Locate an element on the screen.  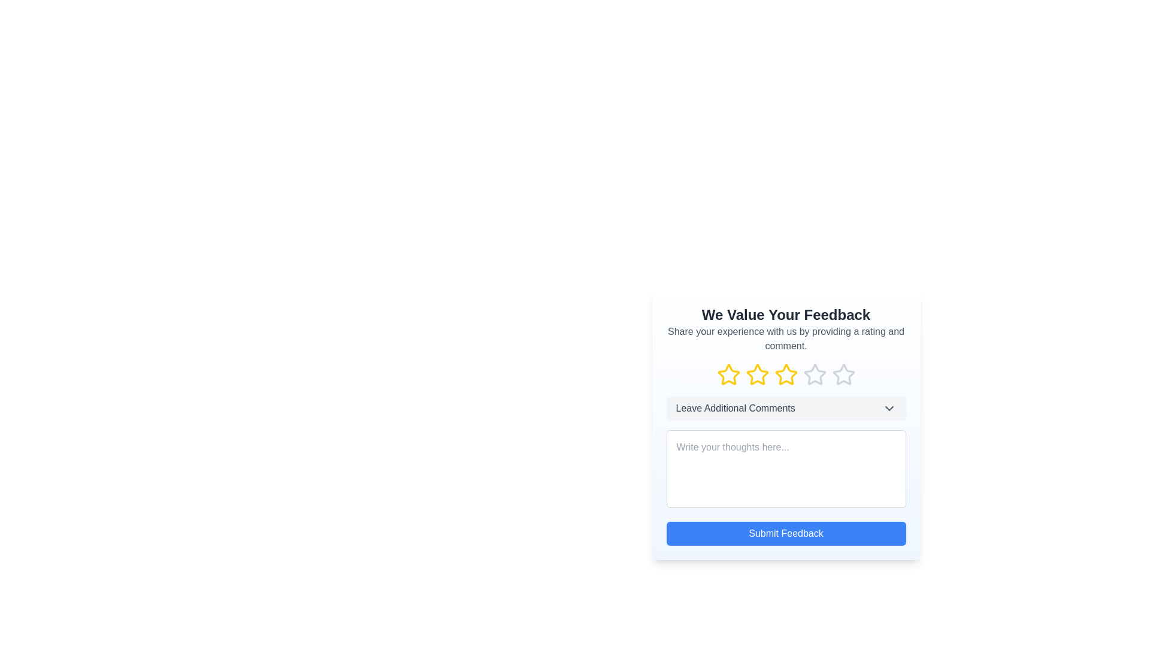
the button located below the row of star rating icons in the feedback form is located at coordinates (786, 408).